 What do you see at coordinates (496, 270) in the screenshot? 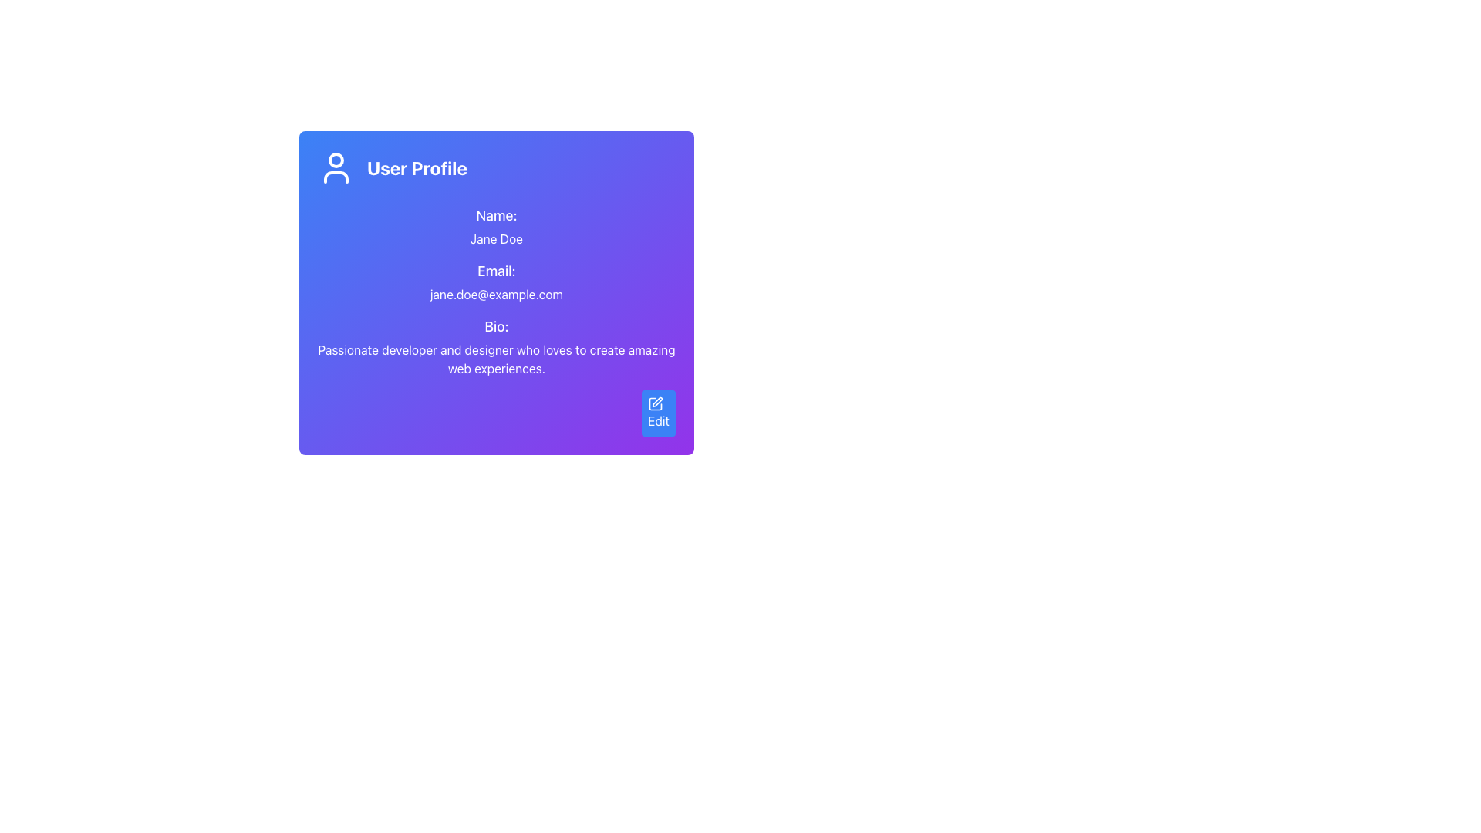
I see `text label indicating the type of data shown for the email address, positioned below the 'Name:' field and above 'jane.doe@example.com'` at bounding box center [496, 270].